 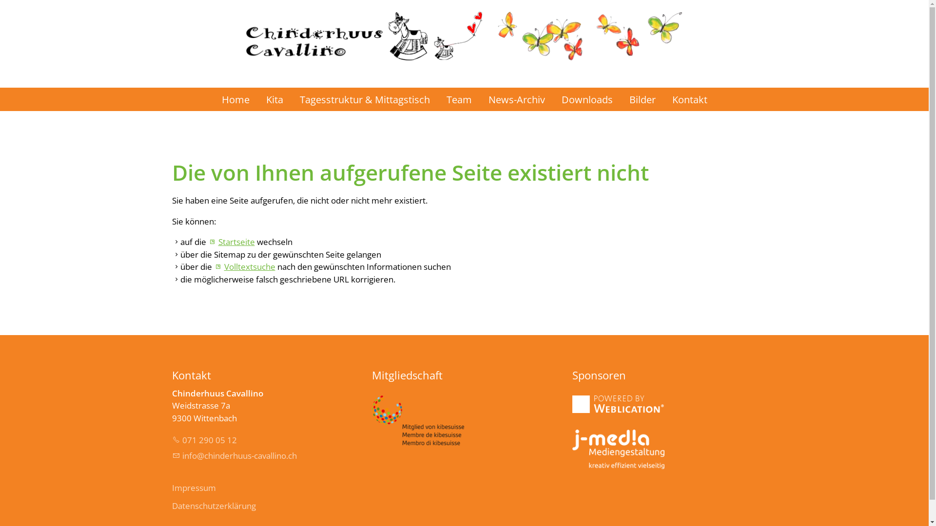 I want to click on 'Home', so click(x=235, y=99).